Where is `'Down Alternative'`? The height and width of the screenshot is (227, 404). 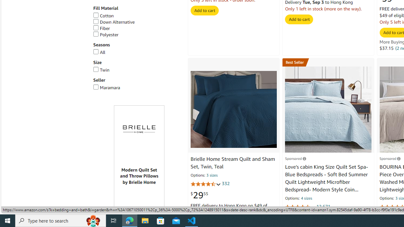
'Down Alternative' is located at coordinates (114, 21).